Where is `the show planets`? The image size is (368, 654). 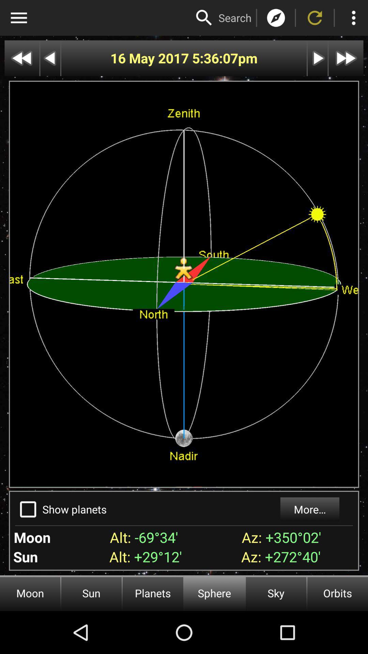 the show planets is located at coordinates (75, 509).